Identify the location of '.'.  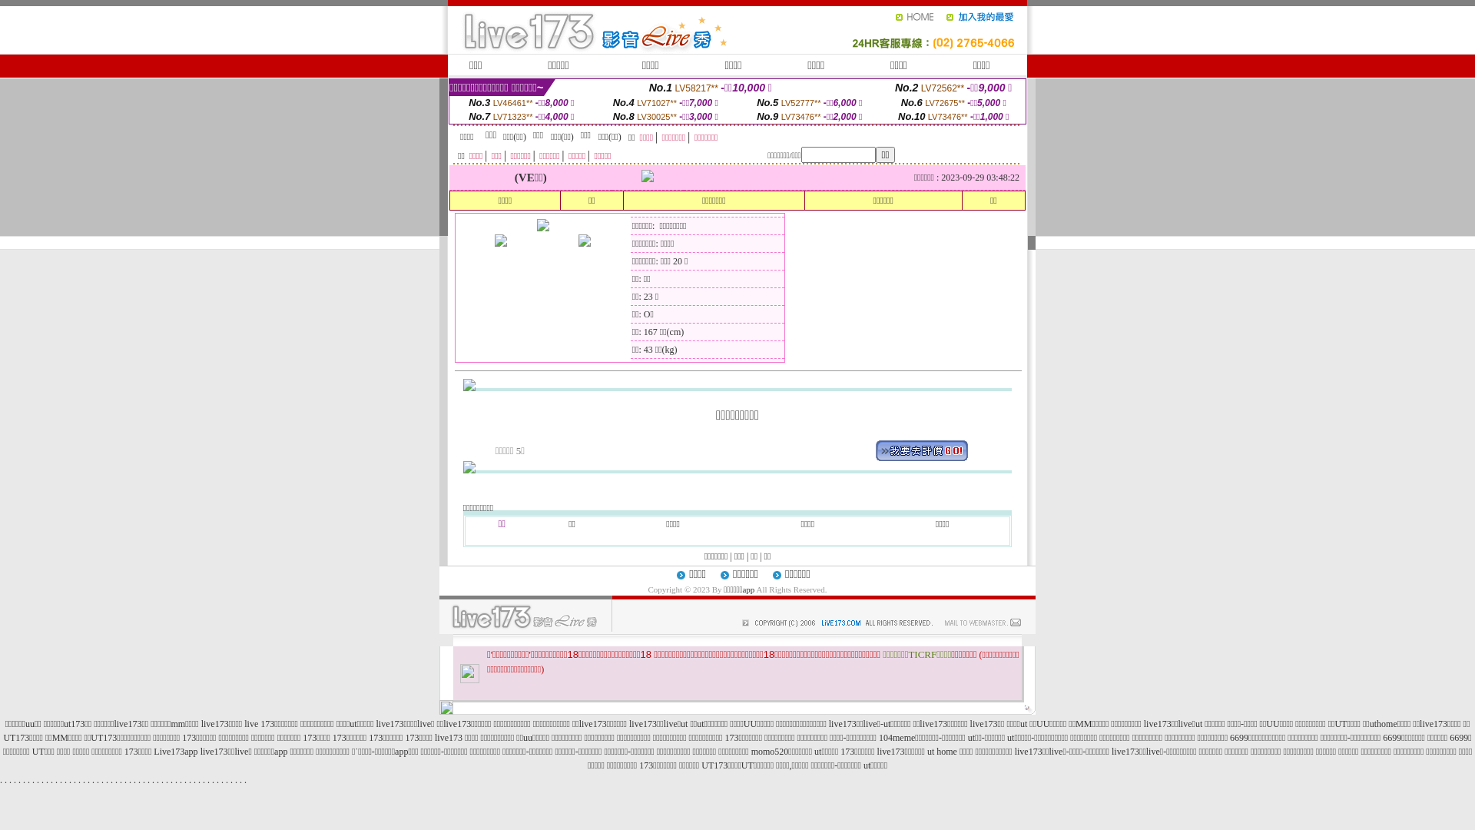
(69, 779).